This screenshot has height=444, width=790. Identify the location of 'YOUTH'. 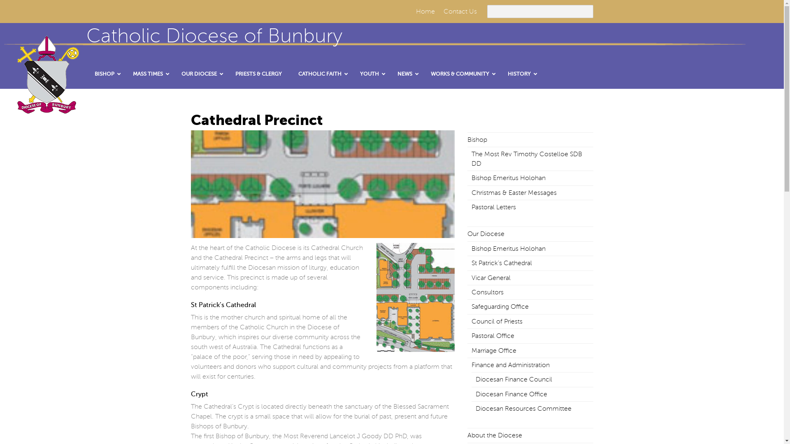
(370, 73).